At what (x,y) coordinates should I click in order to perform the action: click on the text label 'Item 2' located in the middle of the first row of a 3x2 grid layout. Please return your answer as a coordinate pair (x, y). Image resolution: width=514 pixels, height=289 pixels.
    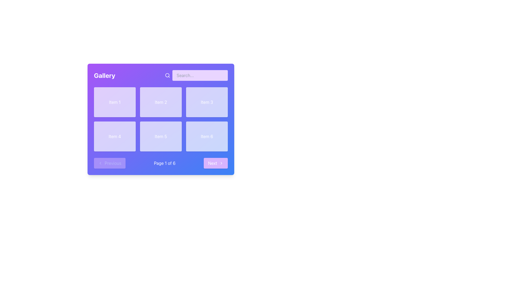
    Looking at the image, I should click on (160, 102).